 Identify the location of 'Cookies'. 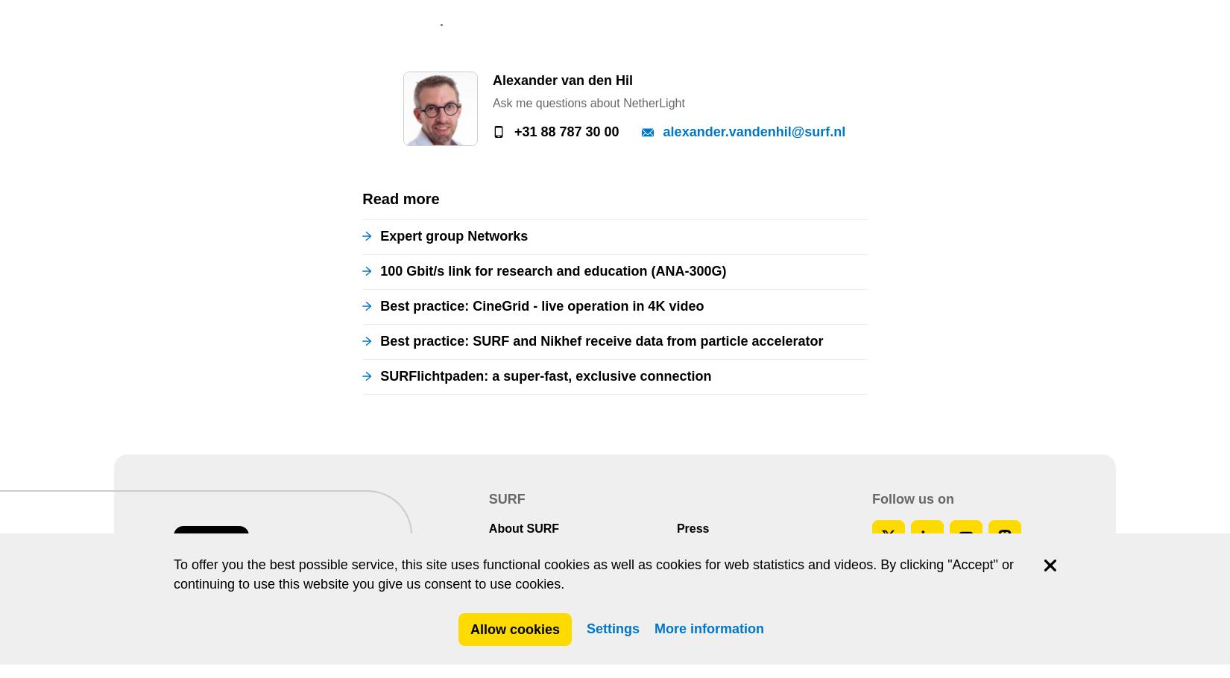
(525, 127).